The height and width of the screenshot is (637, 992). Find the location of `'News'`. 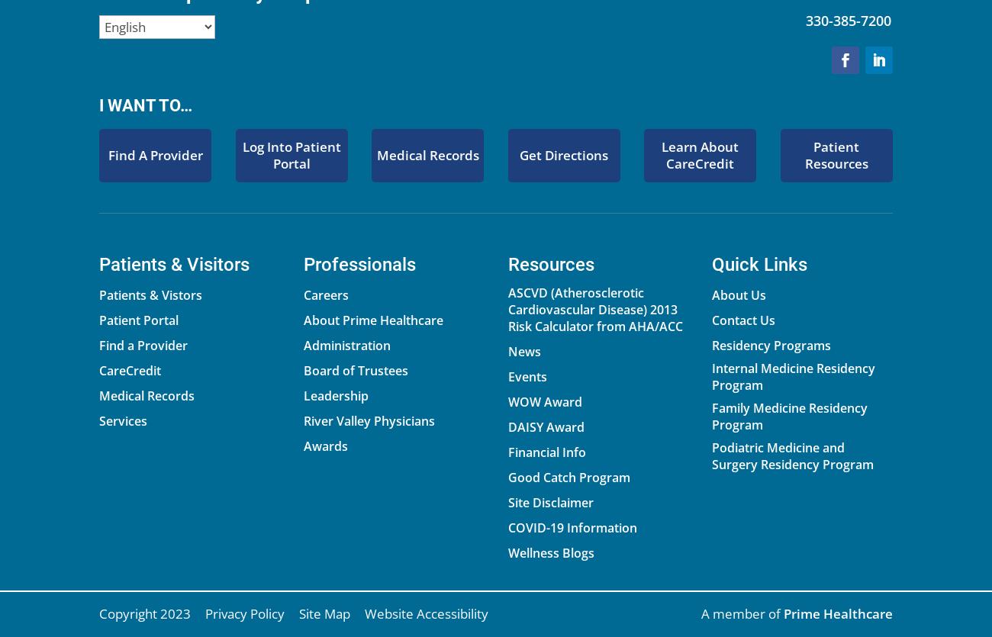

'News' is located at coordinates (523, 351).